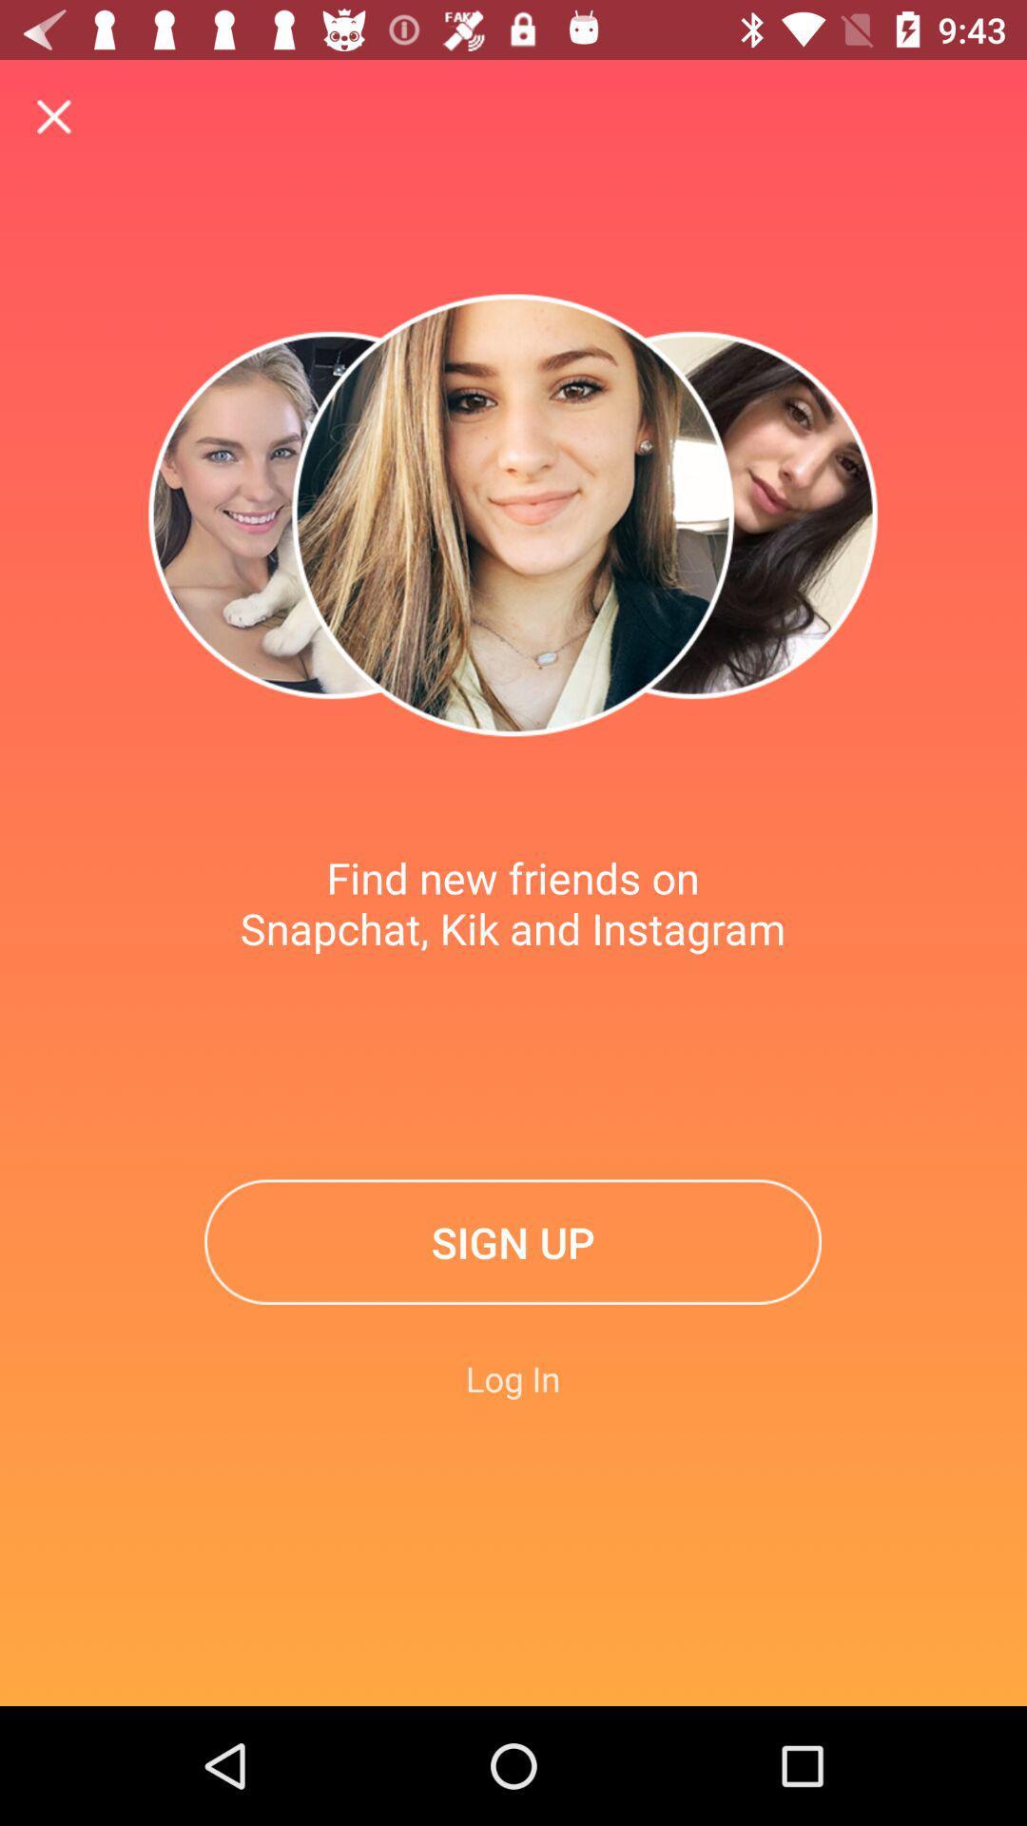 This screenshot has height=1826, width=1027. What do you see at coordinates (512, 1378) in the screenshot?
I see `log in icon` at bounding box center [512, 1378].